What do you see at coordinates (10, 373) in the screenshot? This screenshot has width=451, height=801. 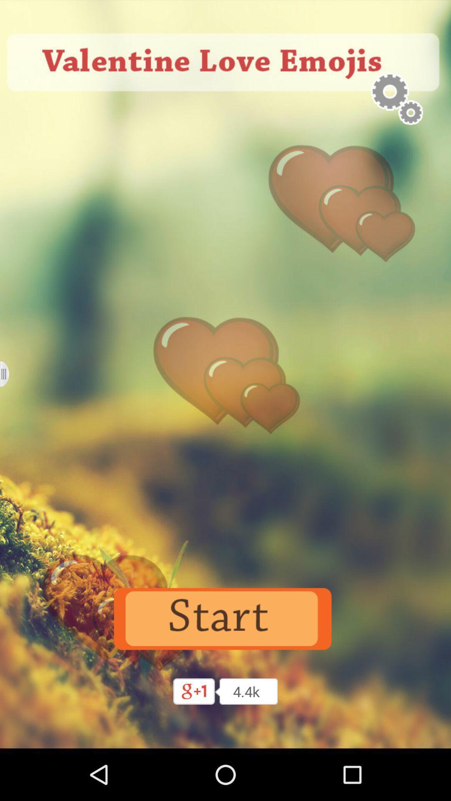 I see `pane` at bounding box center [10, 373].